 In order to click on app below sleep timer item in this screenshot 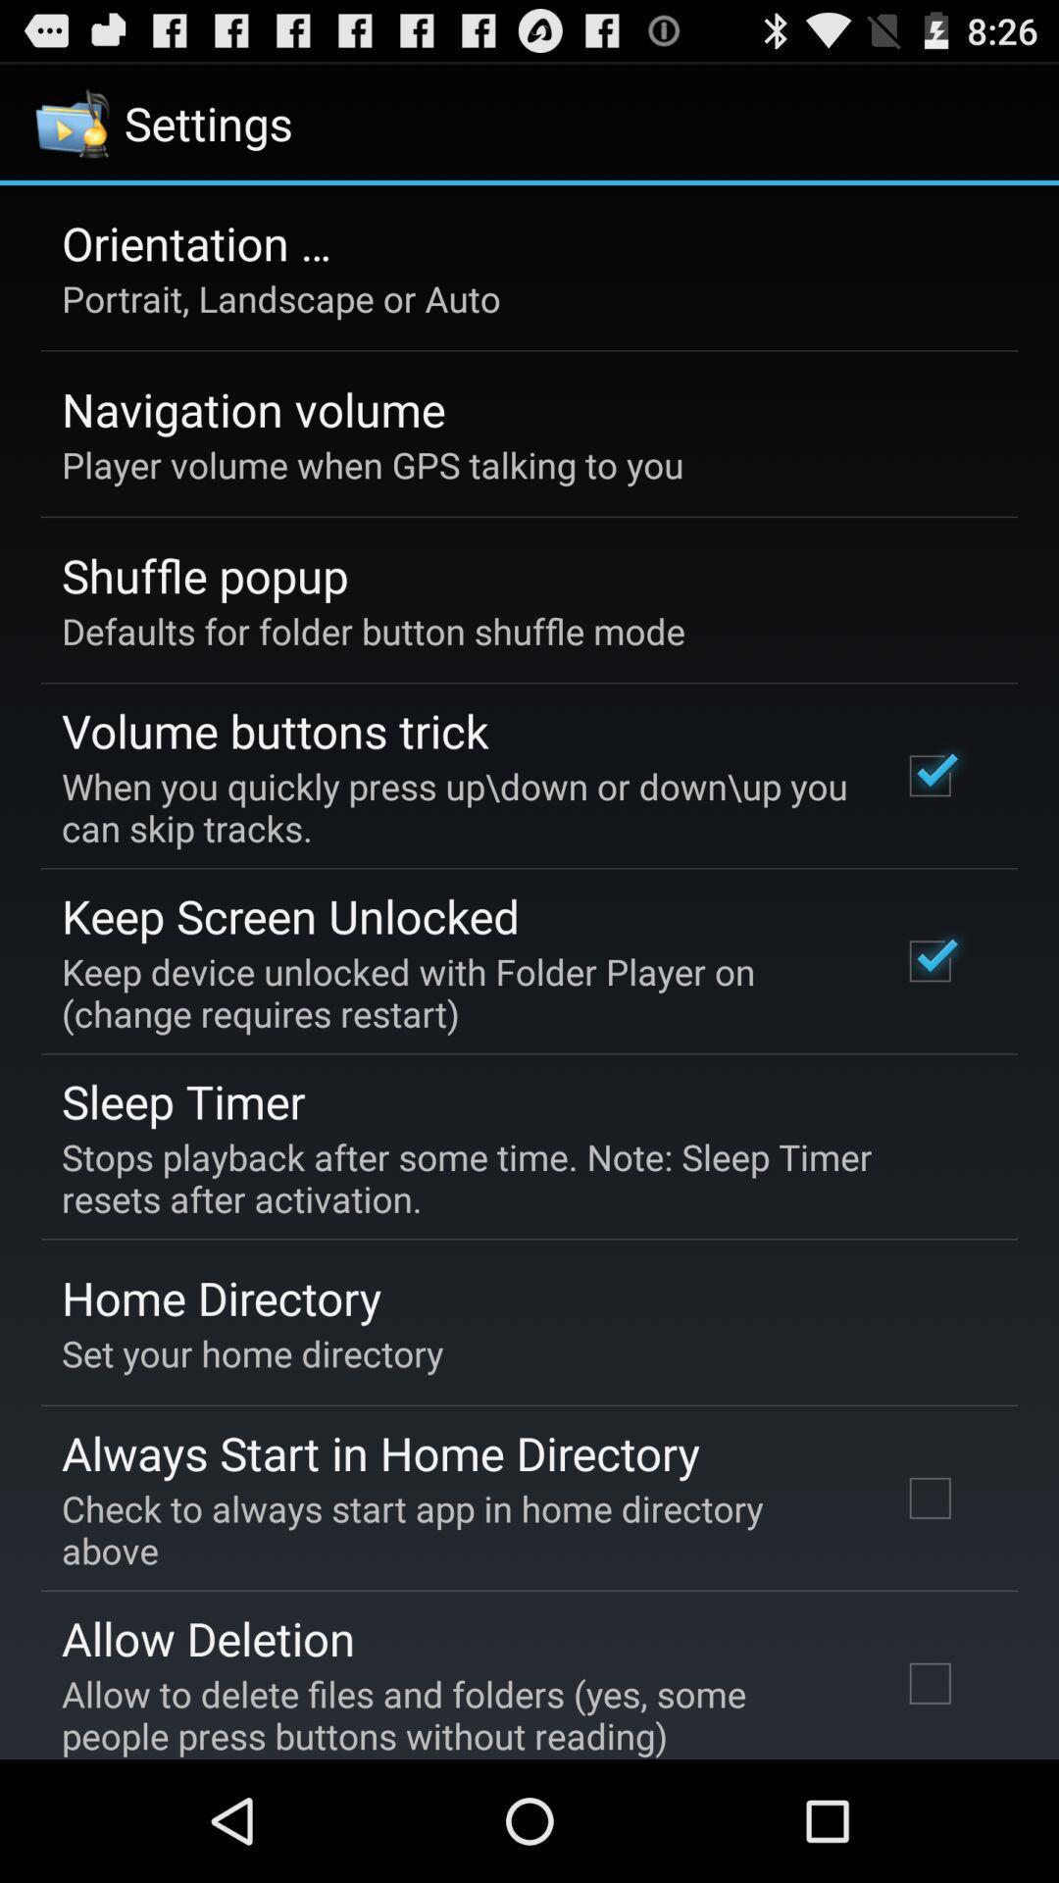, I will do `click(515, 1177)`.